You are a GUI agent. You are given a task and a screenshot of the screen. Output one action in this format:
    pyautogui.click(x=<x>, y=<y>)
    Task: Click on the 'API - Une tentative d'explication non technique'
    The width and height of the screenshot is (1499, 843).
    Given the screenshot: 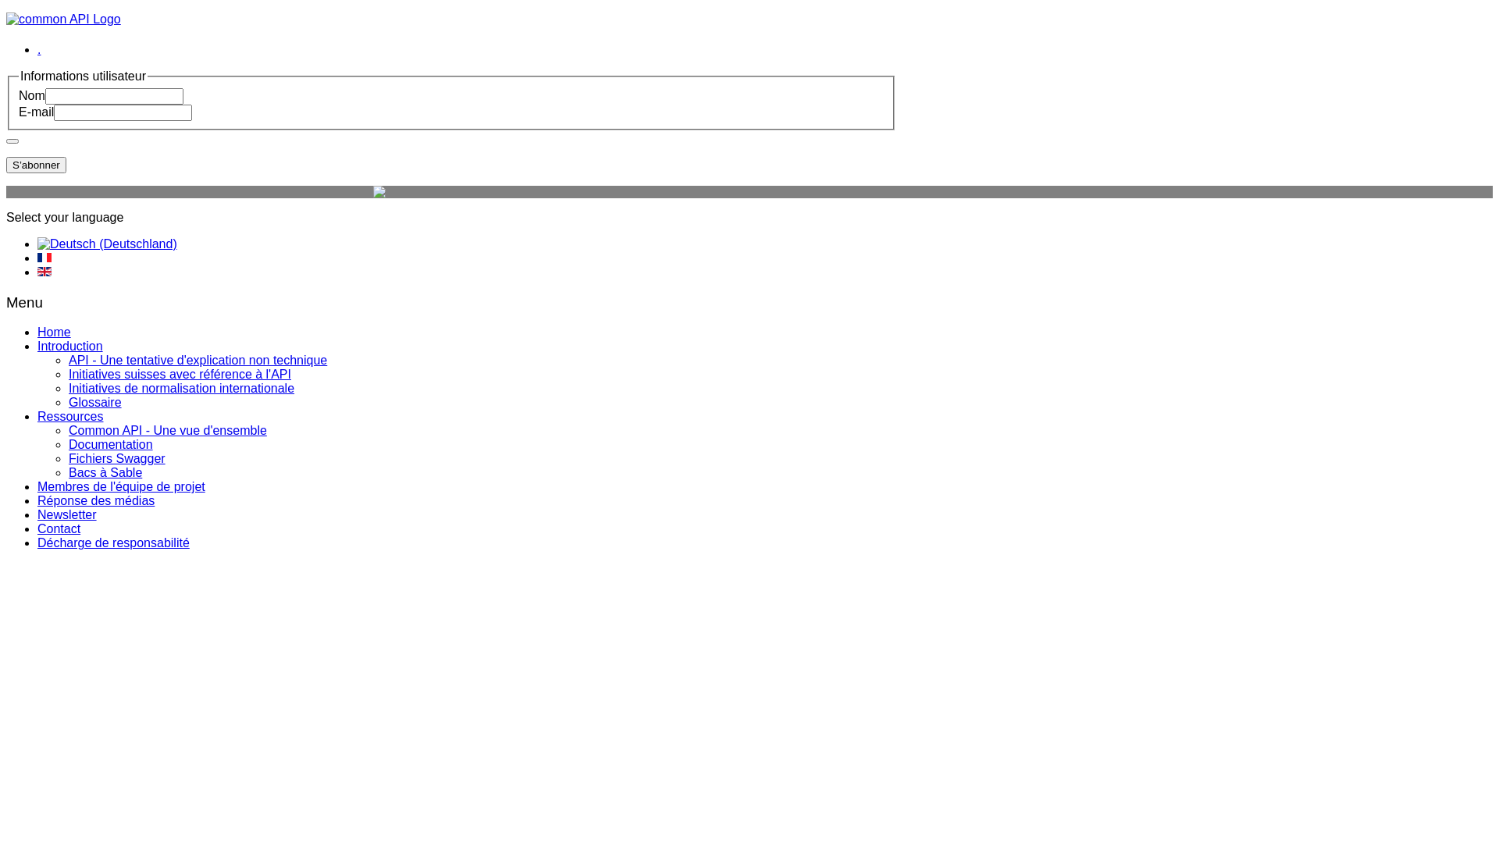 What is the action you would take?
    pyautogui.click(x=197, y=360)
    